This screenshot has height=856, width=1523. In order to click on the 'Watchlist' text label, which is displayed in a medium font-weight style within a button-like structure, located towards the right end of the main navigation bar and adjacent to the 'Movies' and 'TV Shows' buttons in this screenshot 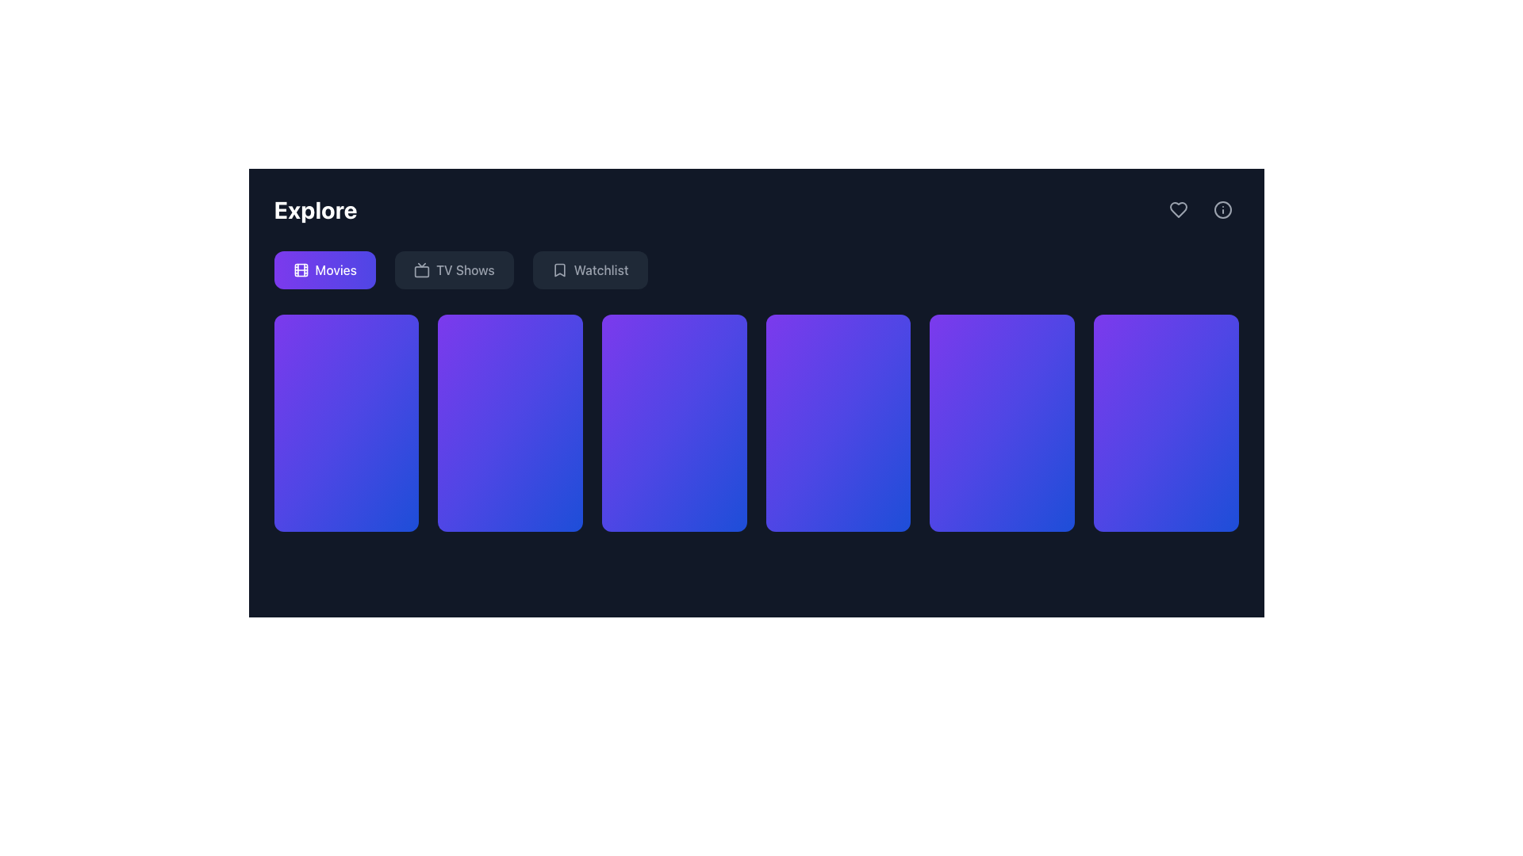, I will do `click(600, 269)`.